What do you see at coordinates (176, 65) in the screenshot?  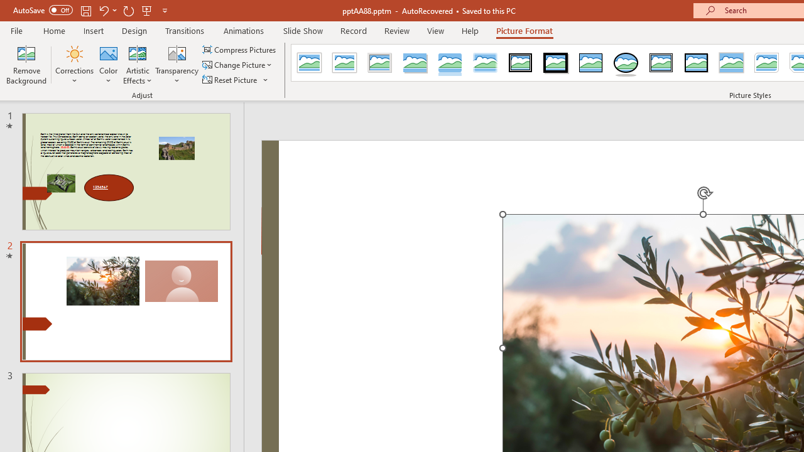 I see `'Transparency'` at bounding box center [176, 65].